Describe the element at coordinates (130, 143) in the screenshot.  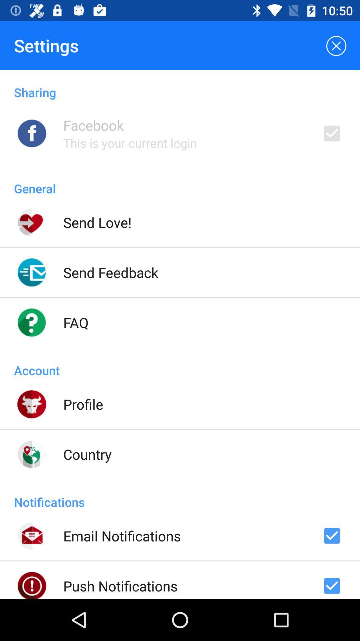
I see `this is your` at that location.